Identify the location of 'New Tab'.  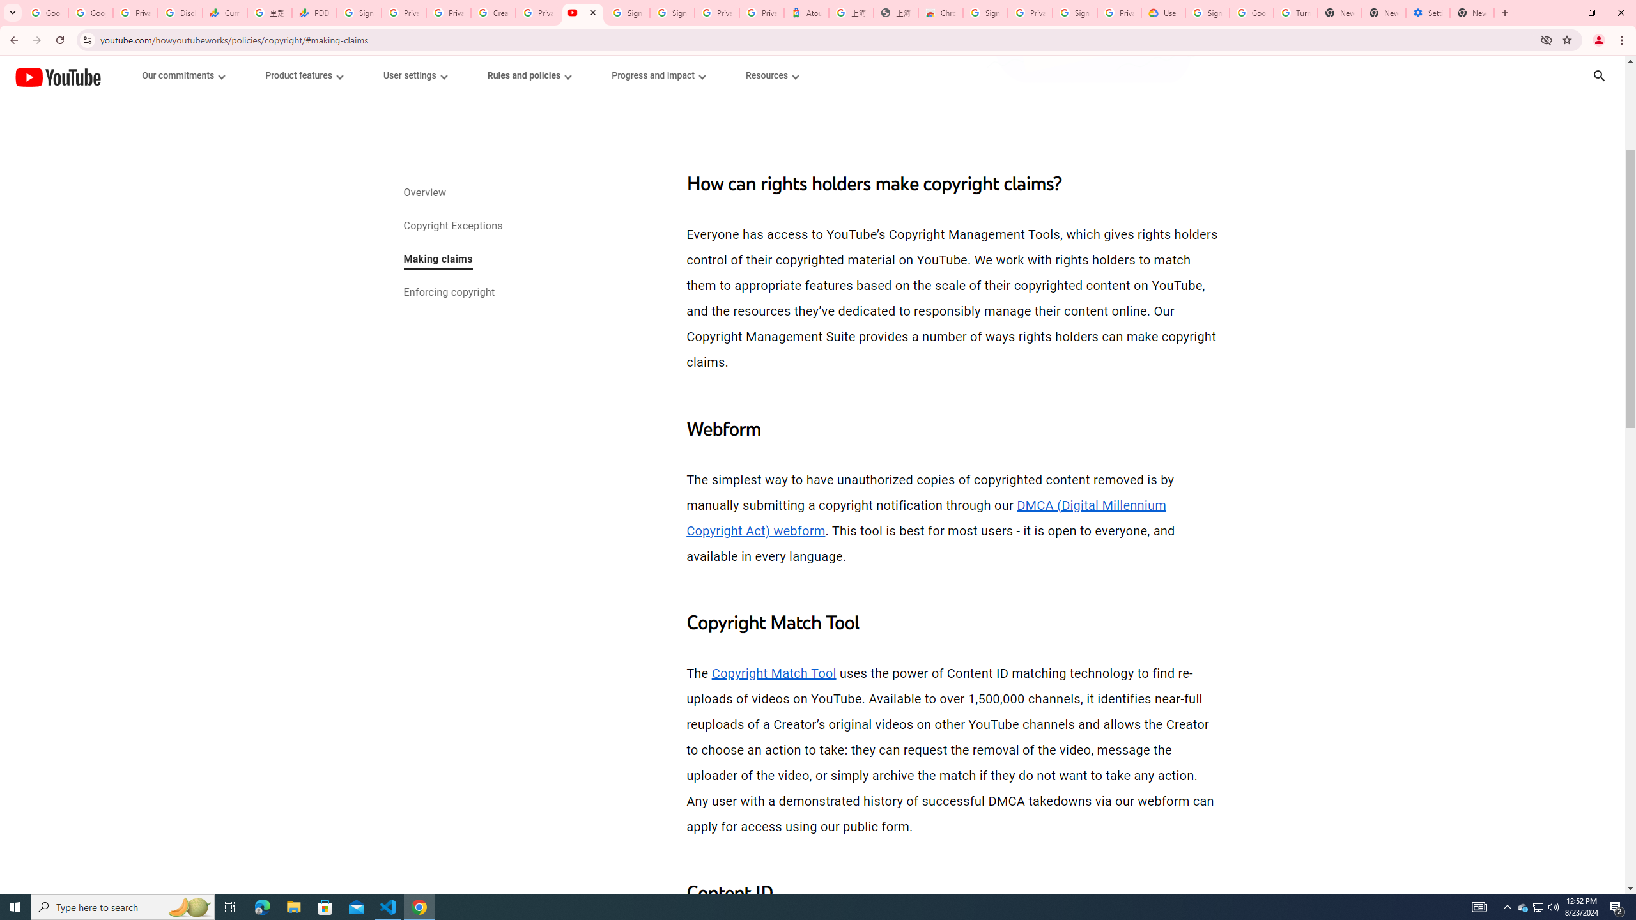
(1503, 12).